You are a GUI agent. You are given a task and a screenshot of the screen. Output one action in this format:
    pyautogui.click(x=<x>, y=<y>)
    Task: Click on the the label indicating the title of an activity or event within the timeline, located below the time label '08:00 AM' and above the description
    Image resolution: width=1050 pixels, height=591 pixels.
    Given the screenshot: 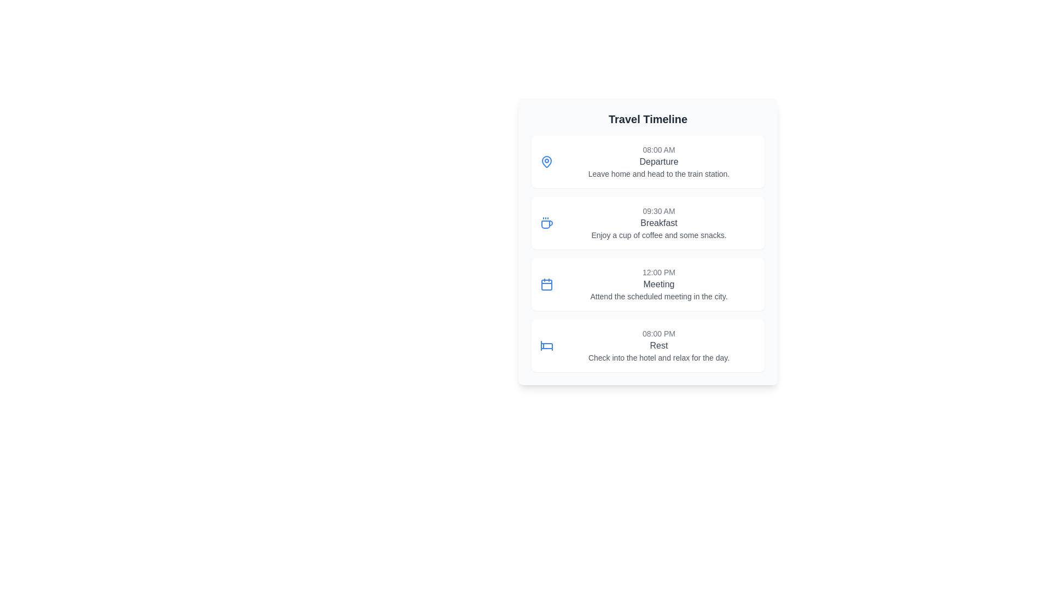 What is the action you would take?
    pyautogui.click(x=658, y=162)
    